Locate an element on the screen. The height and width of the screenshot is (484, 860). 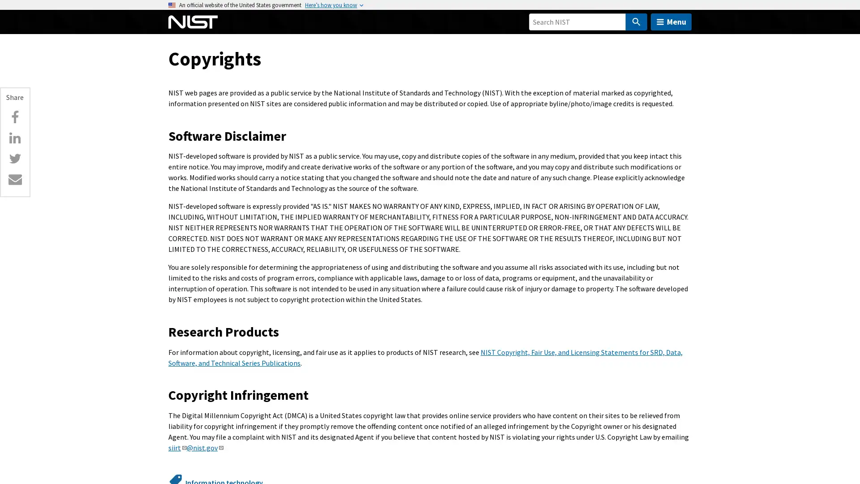
Search is located at coordinates (636, 22).